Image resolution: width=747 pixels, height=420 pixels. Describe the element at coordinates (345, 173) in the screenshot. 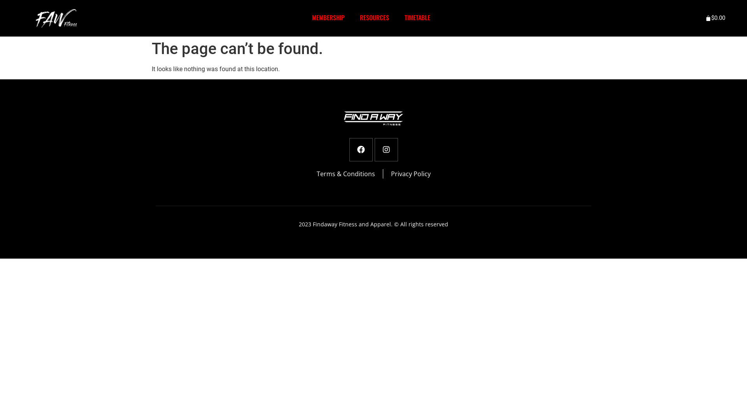

I see `'Terms & Conditions'` at that location.